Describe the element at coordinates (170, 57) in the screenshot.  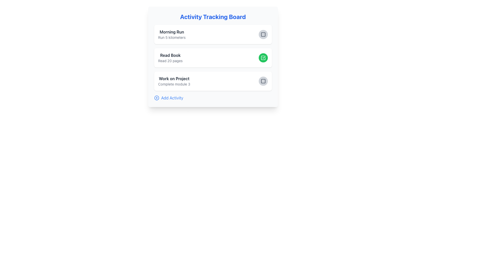
I see `the Text Block containing 'Read Book' and 'Read 20 pages' which is the second item in the vertically stacked list of the 'Activity Tracking Board'` at that location.